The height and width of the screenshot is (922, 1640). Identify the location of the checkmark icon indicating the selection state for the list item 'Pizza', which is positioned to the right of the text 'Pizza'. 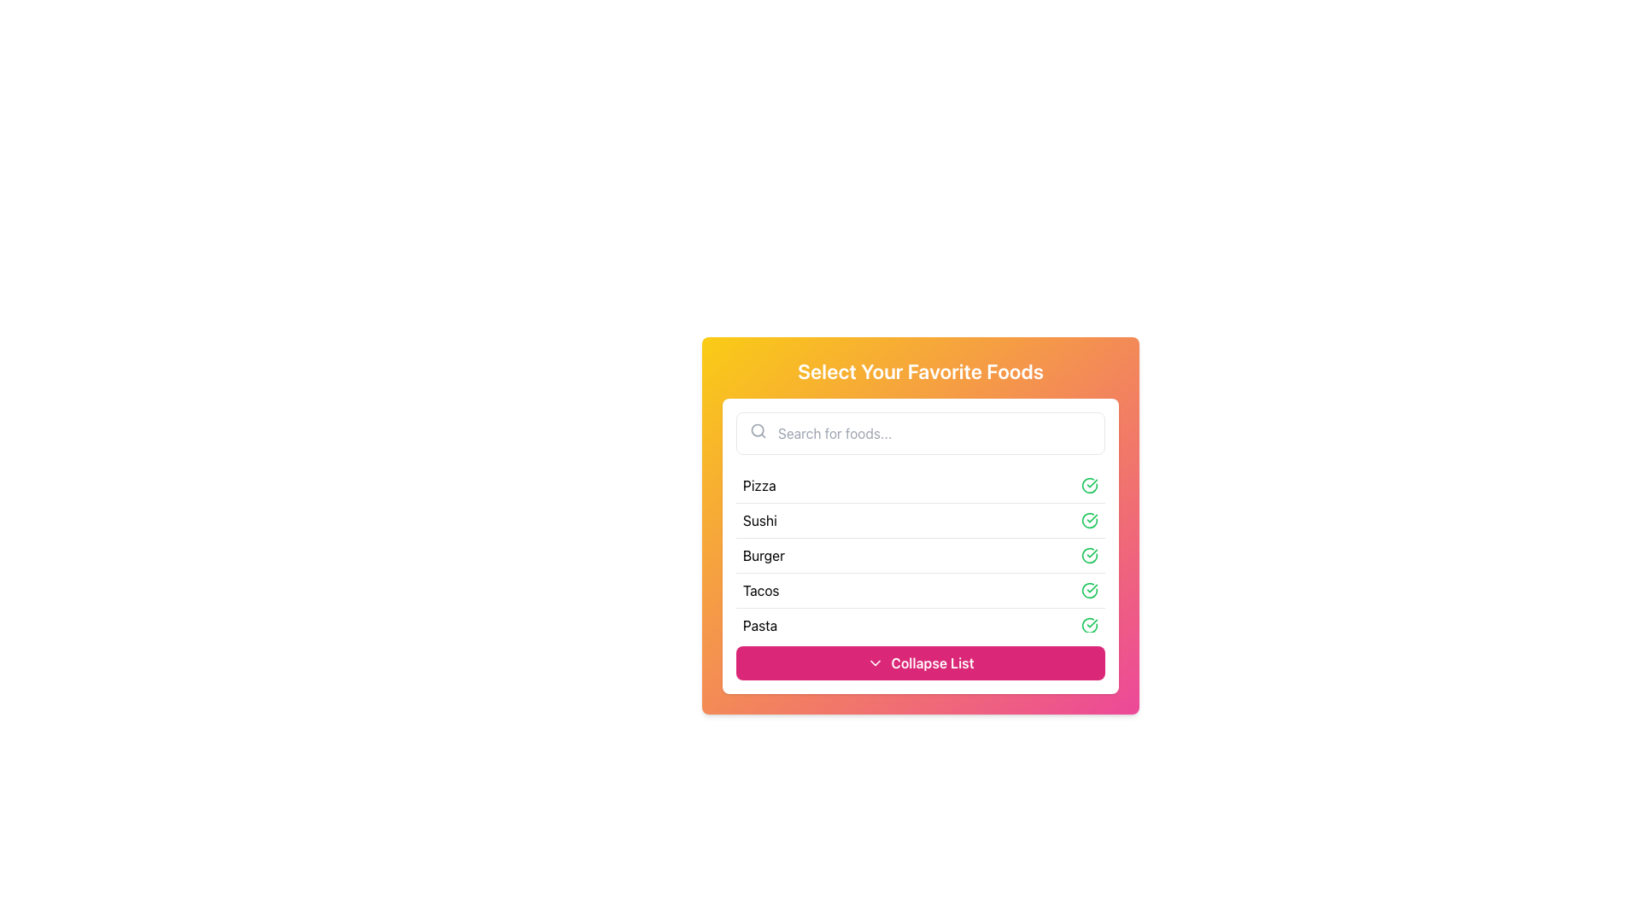
(1089, 486).